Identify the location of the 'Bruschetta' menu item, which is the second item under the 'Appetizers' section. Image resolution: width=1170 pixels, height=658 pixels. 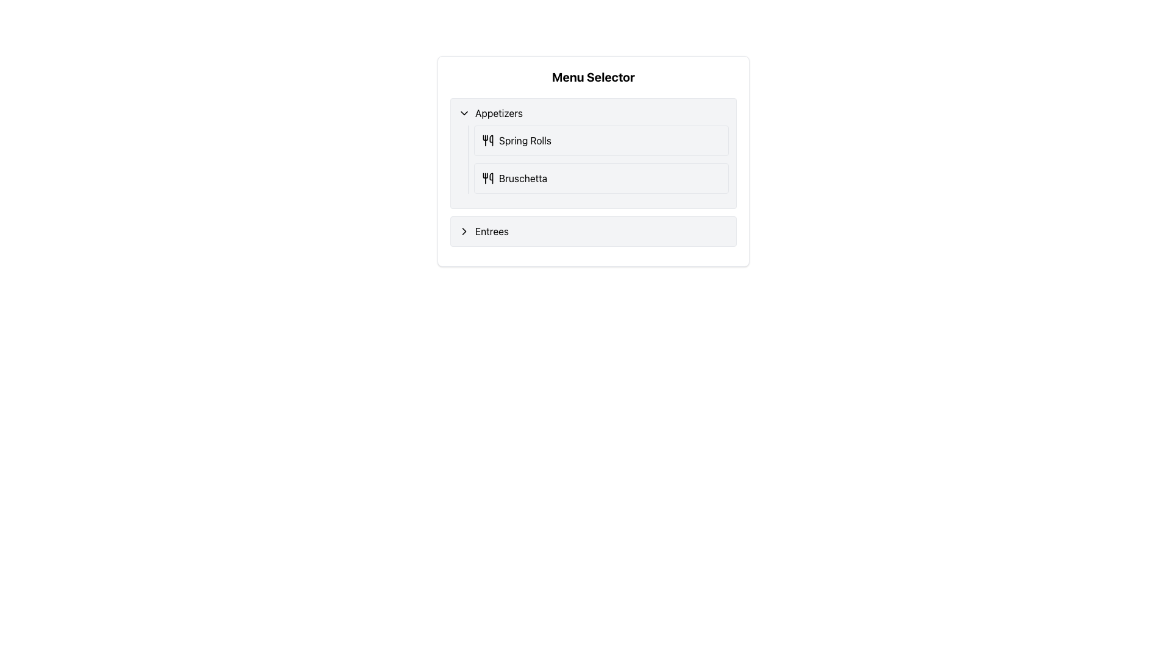
(601, 179).